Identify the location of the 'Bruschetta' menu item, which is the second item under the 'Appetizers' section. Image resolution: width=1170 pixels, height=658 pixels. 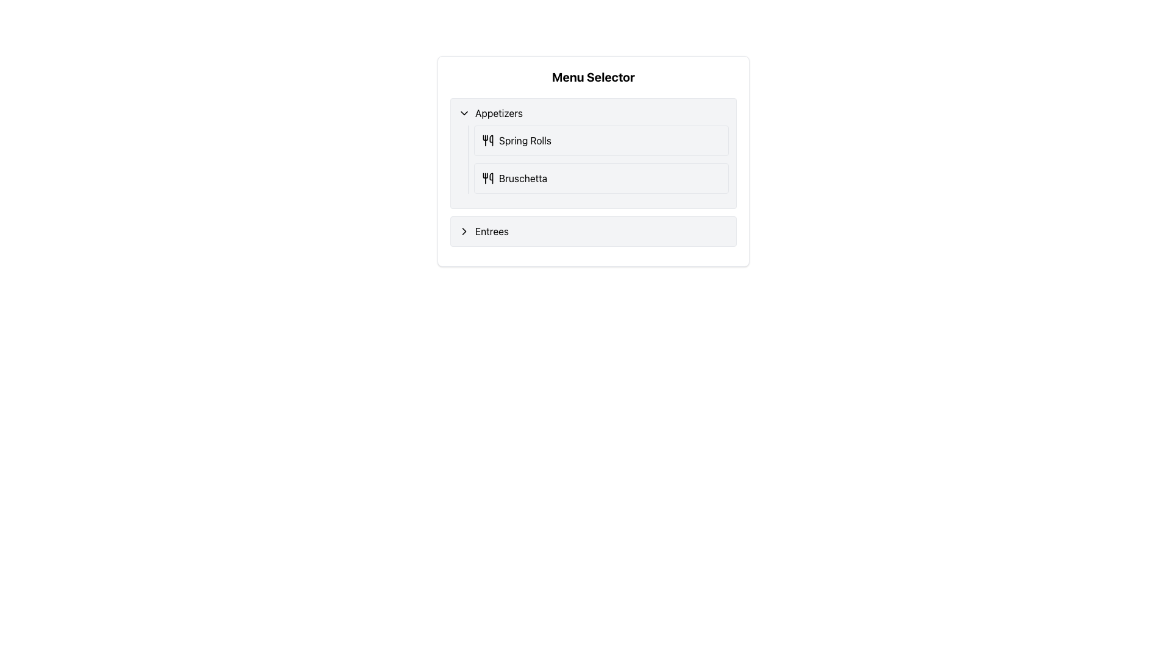
(601, 179).